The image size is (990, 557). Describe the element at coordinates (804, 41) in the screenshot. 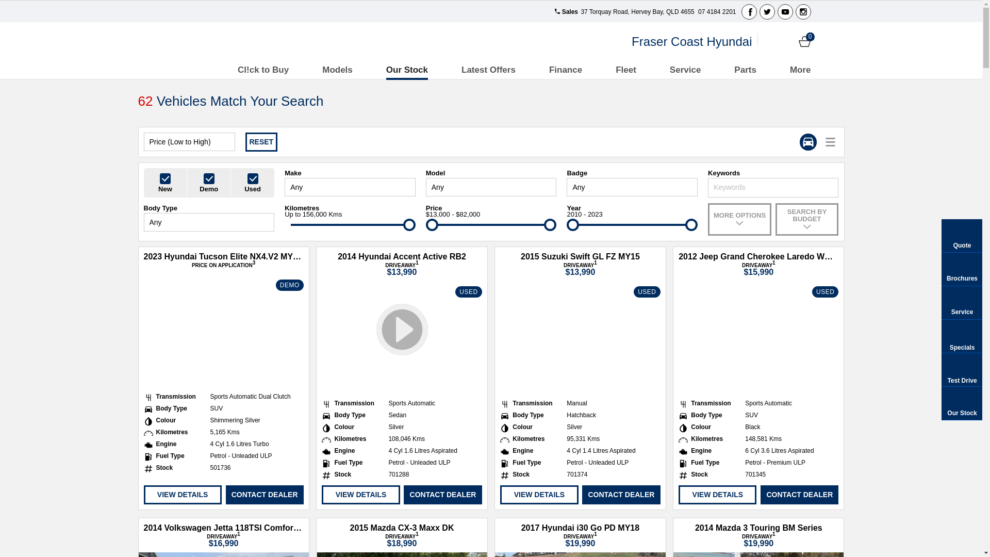

I see `'Cart` at that location.